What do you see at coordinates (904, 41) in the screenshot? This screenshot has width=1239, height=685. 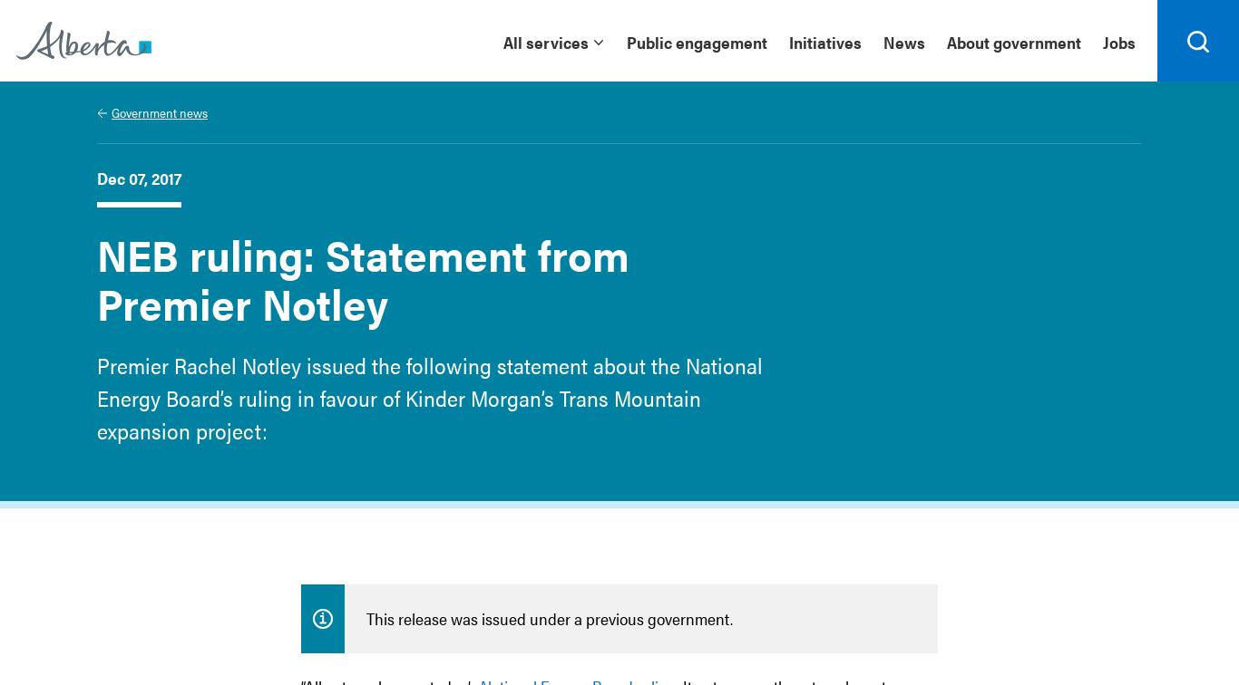 I see `'News'` at bounding box center [904, 41].